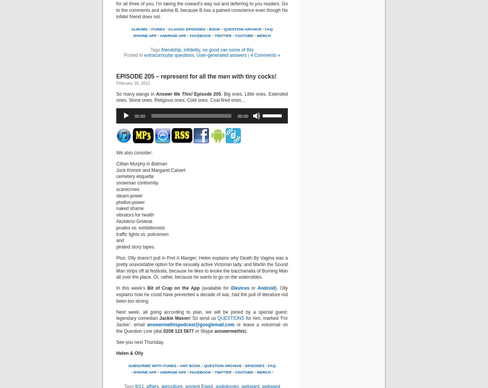  Describe the element at coordinates (186, 29) in the screenshot. I see `'CLASSIC EPISODES'` at that location.